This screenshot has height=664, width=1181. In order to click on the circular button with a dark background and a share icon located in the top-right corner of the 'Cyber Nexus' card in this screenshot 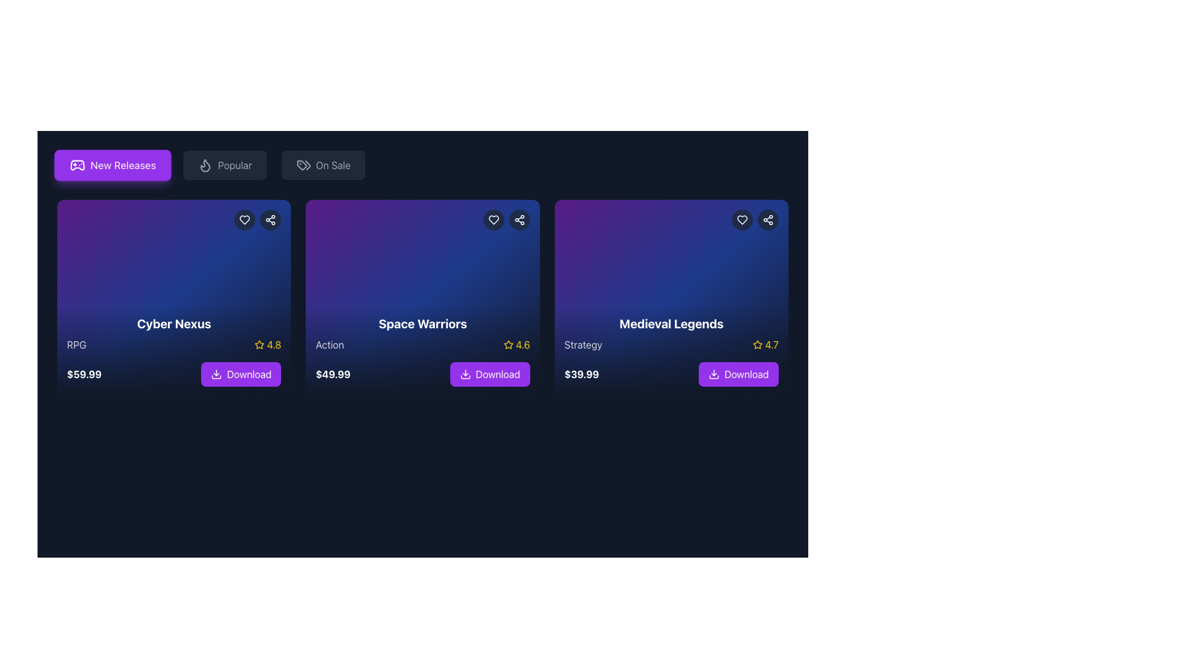, I will do `click(270, 219)`.